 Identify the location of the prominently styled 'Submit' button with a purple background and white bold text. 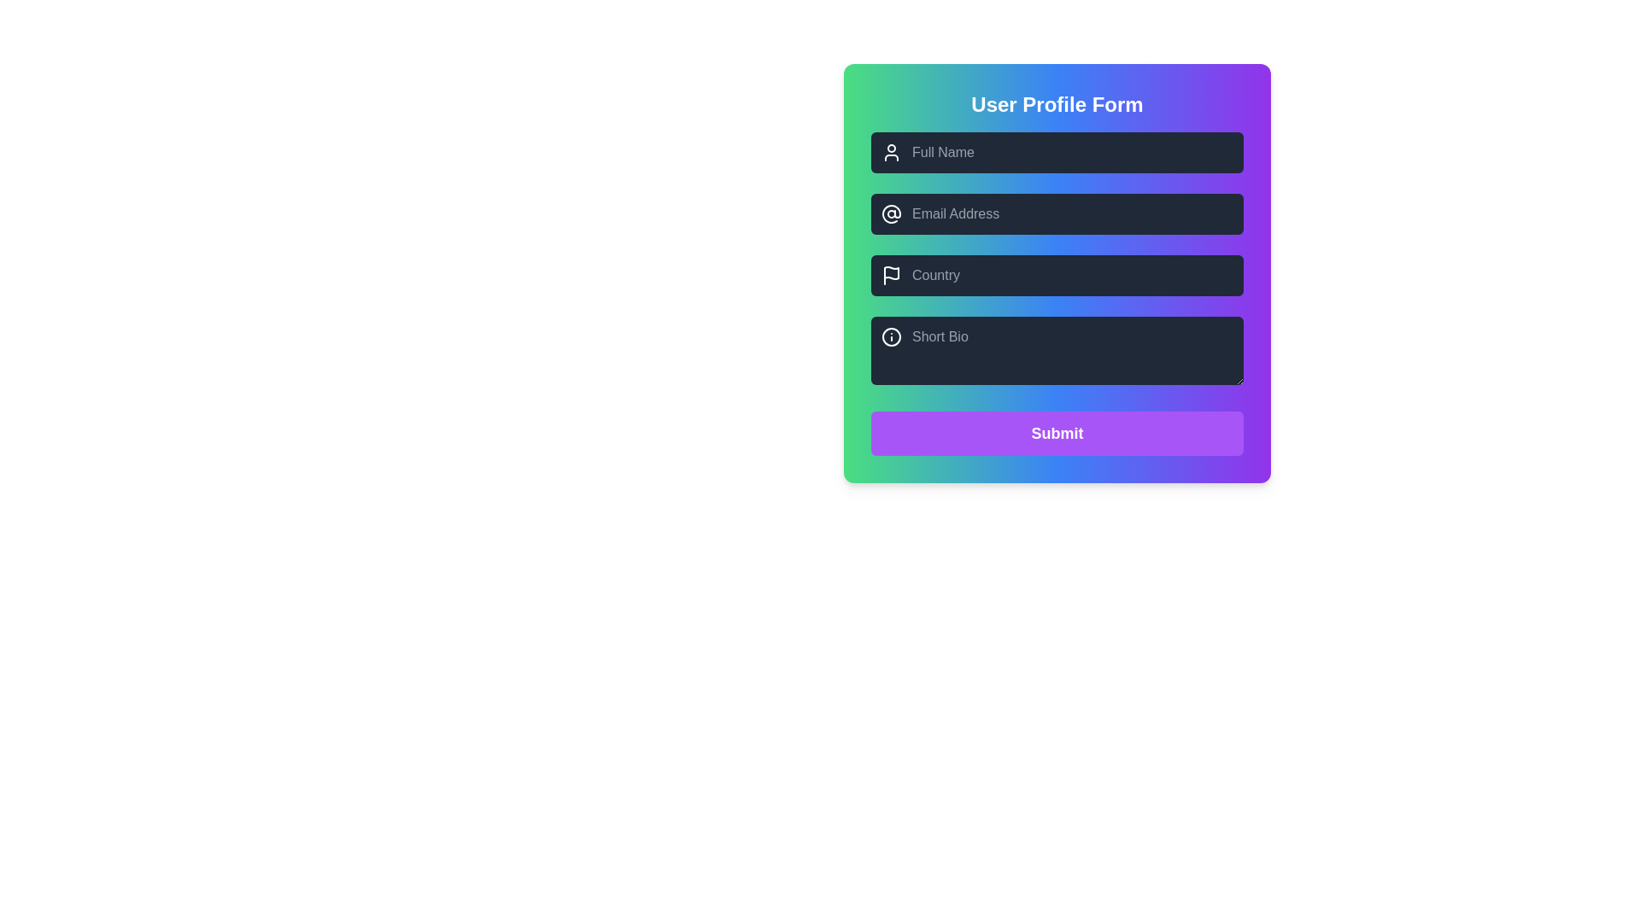
(1057, 433).